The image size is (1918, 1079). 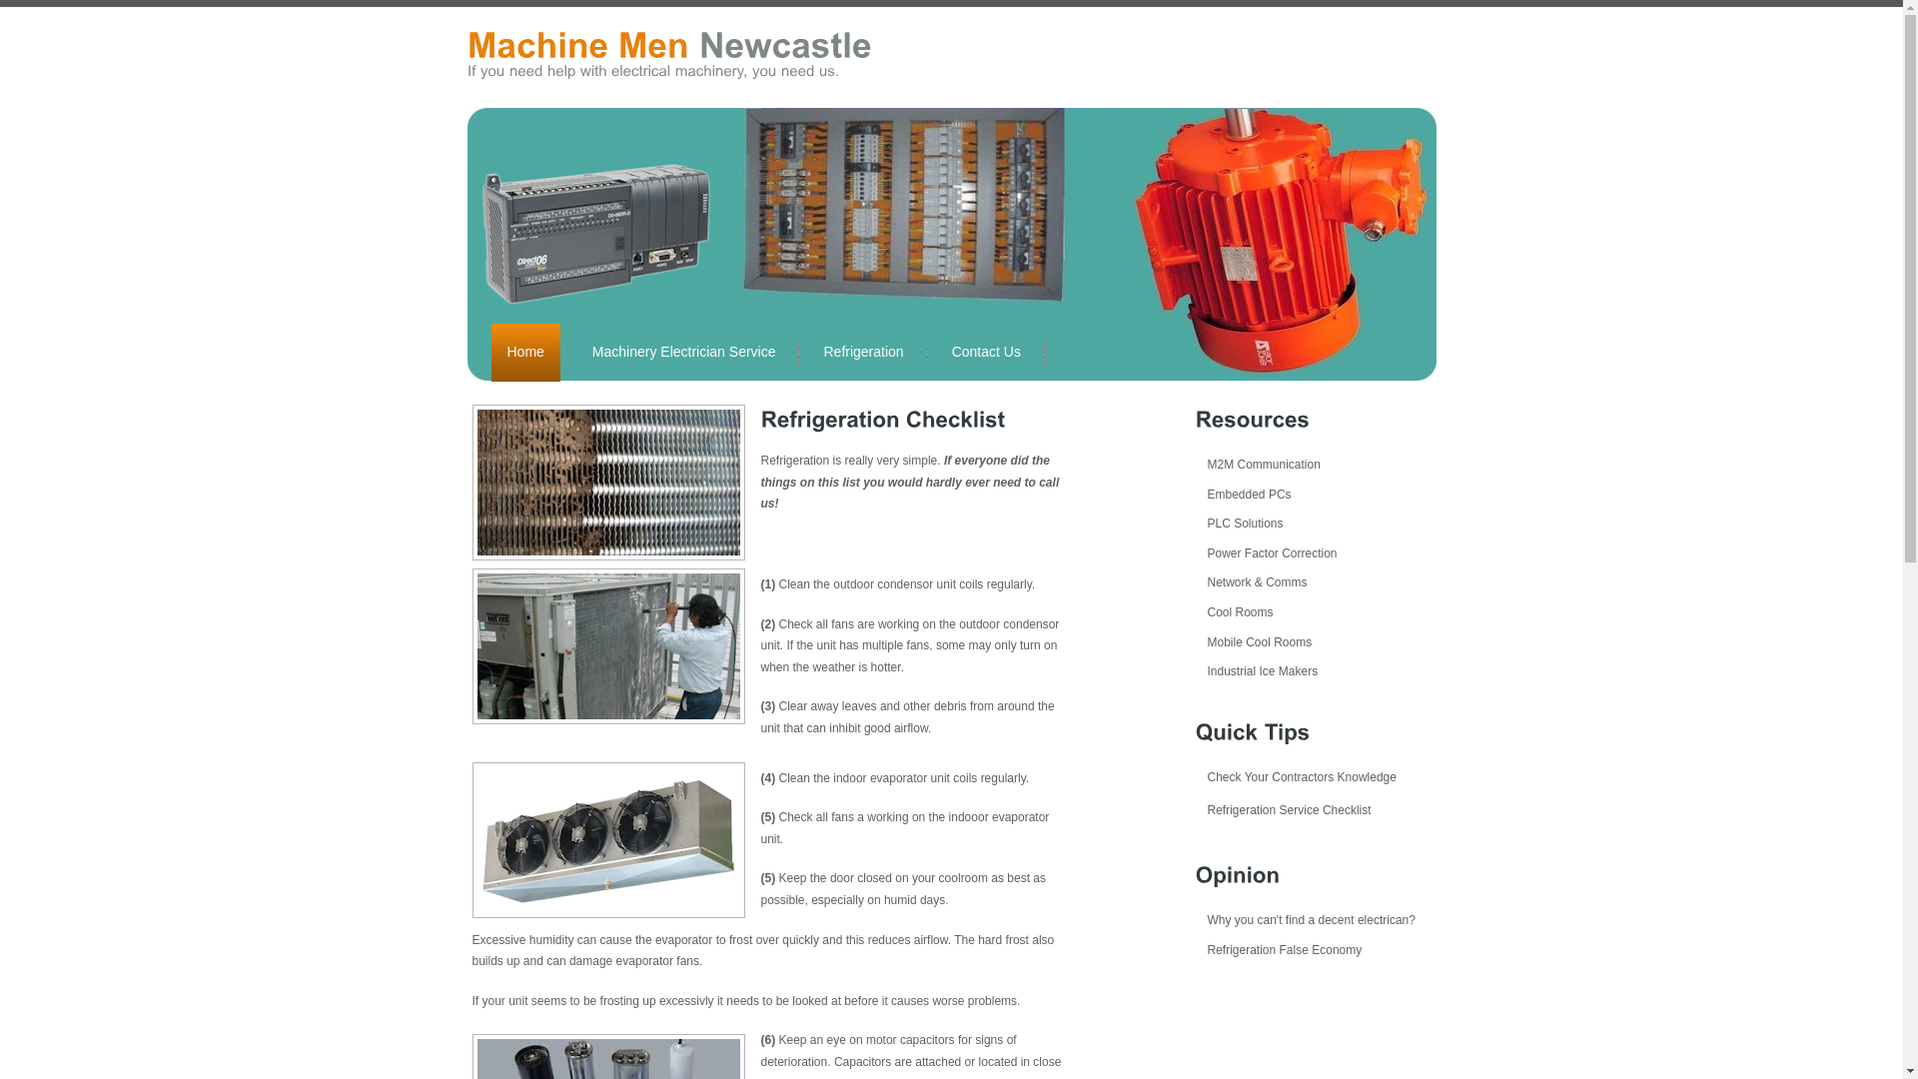 I want to click on 'Embedded PCs', so click(x=1241, y=494).